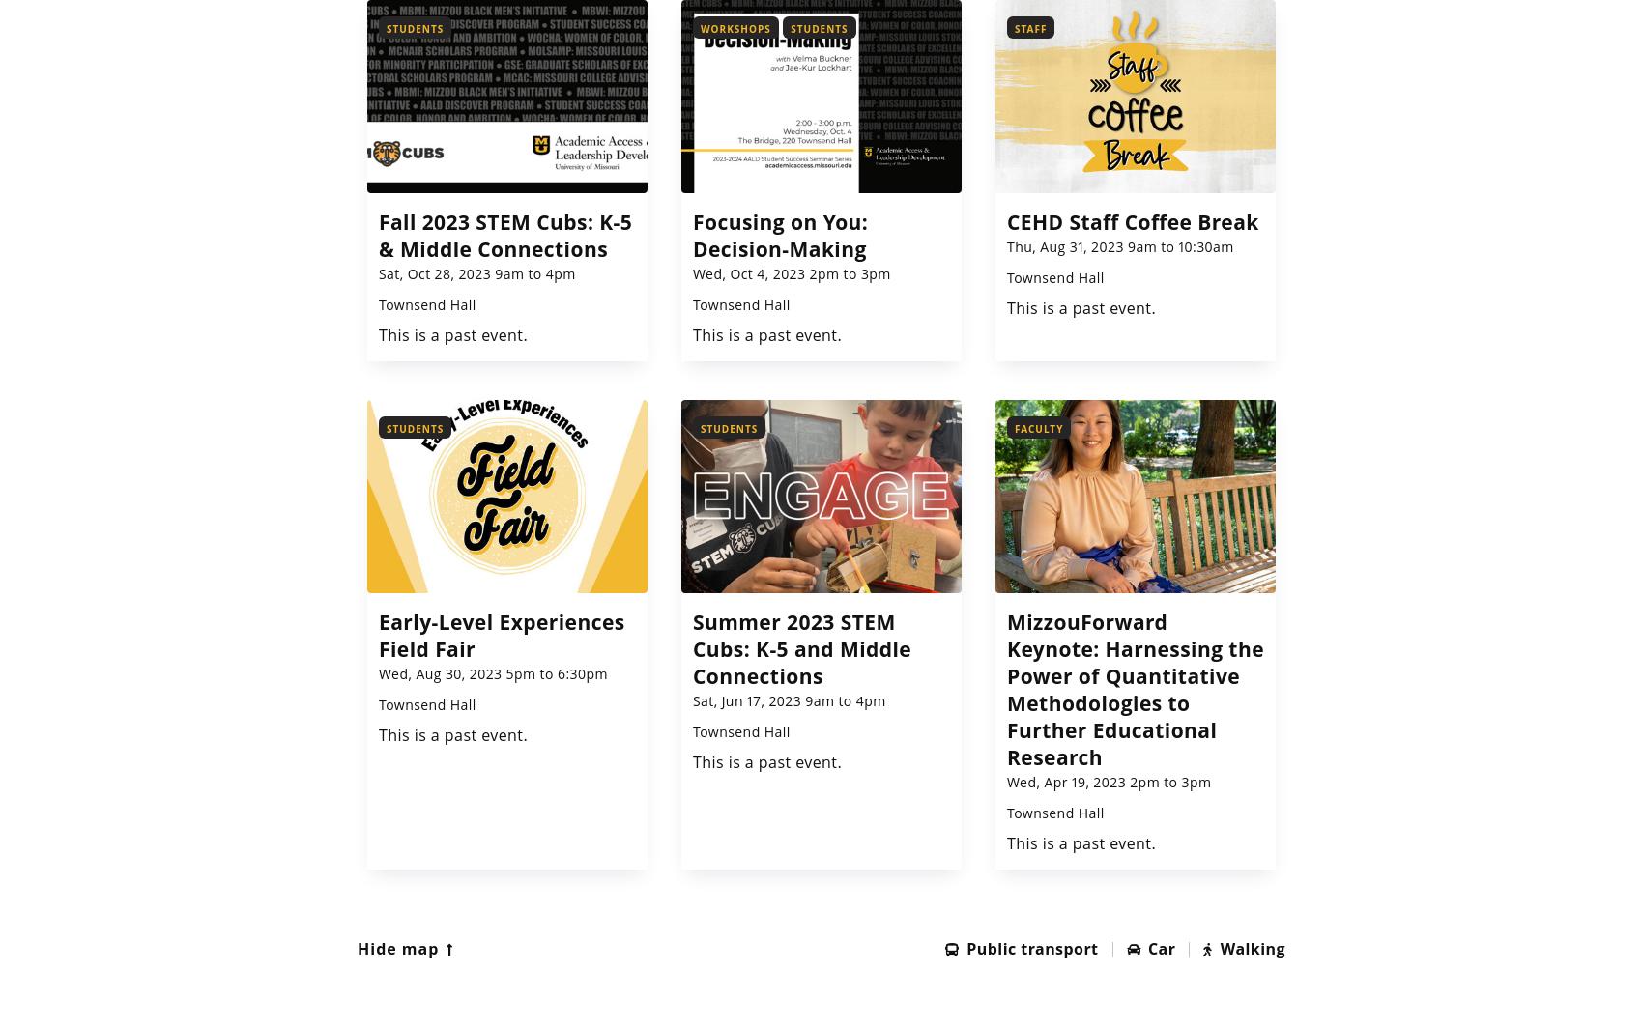 Image resolution: width=1643 pixels, height=1027 pixels. What do you see at coordinates (1030, 28) in the screenshot?
I see `'Staff'` at bounding box center [1030, 28].